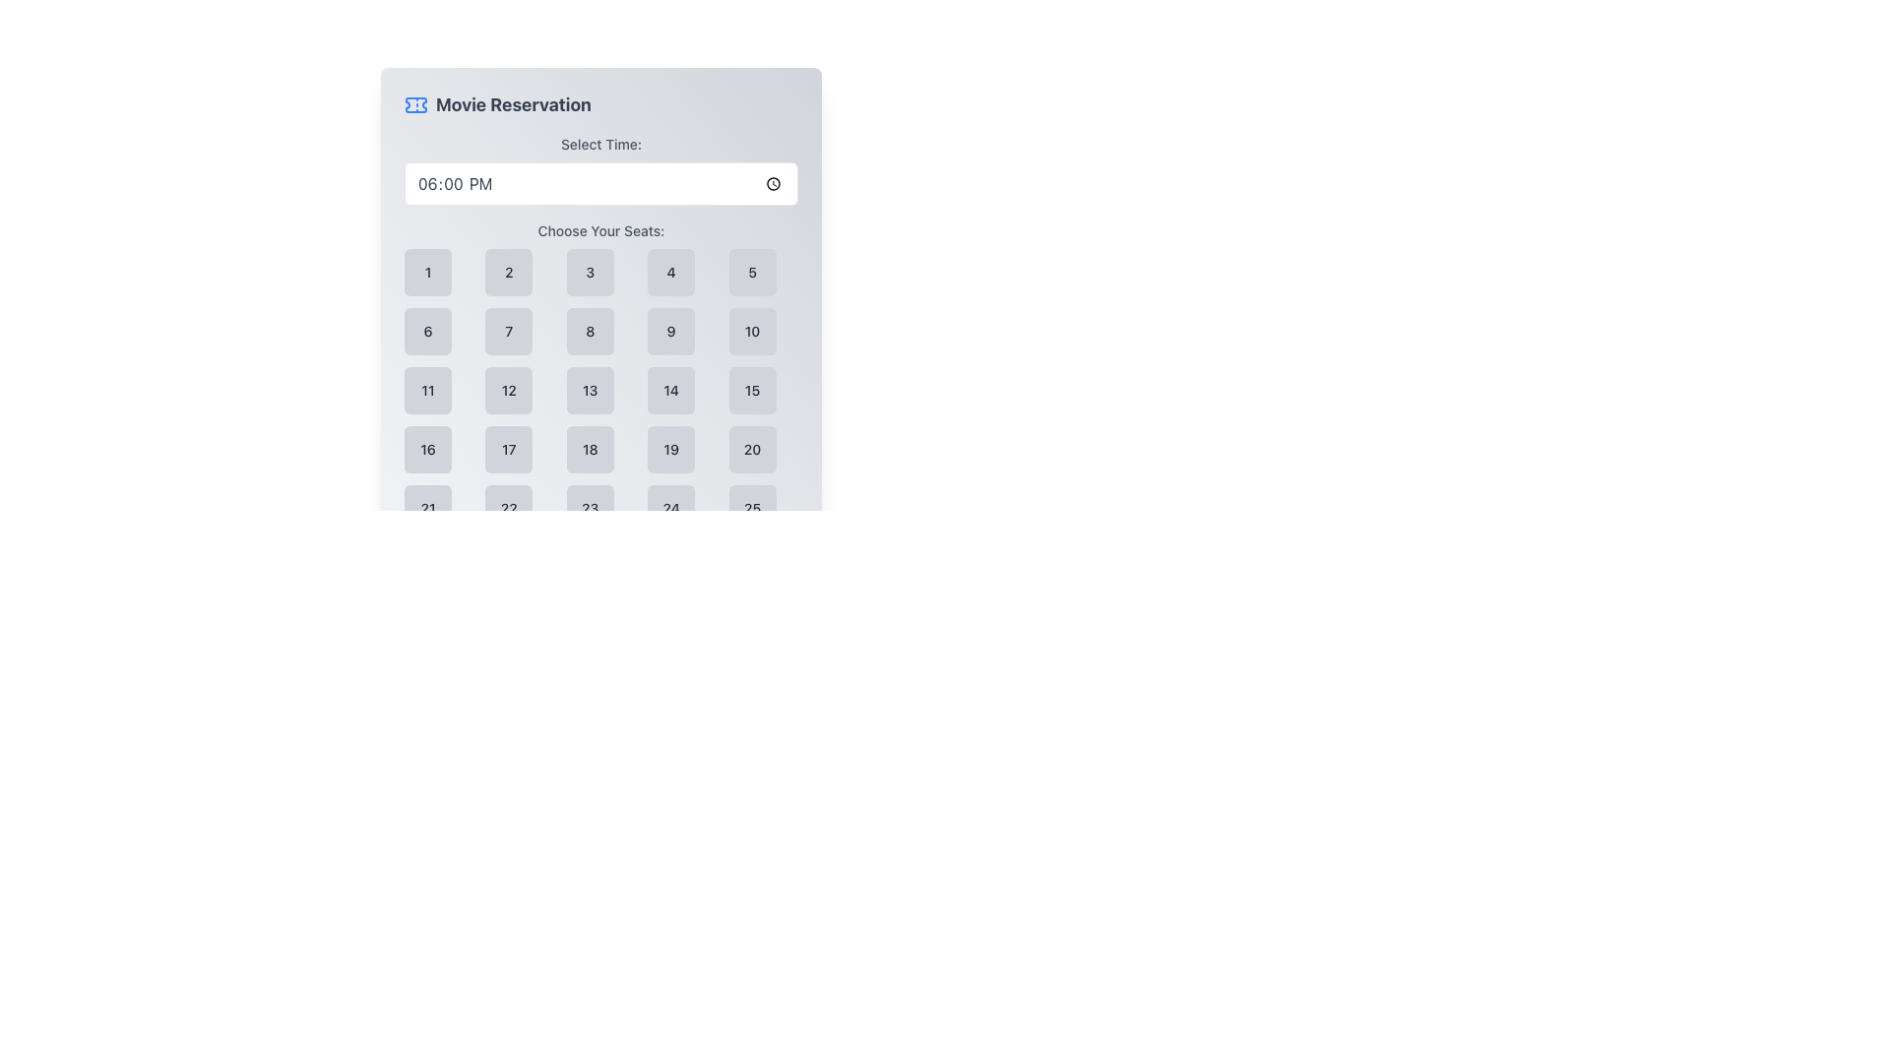 This screenshot has width=1890, height=1063. Describe the element at coordinates (589, 273) in the screenshot. I see `the button representing seat number '3', which is located in the first row of a grid layout below the 'Choose Your Seats' label` at that location.